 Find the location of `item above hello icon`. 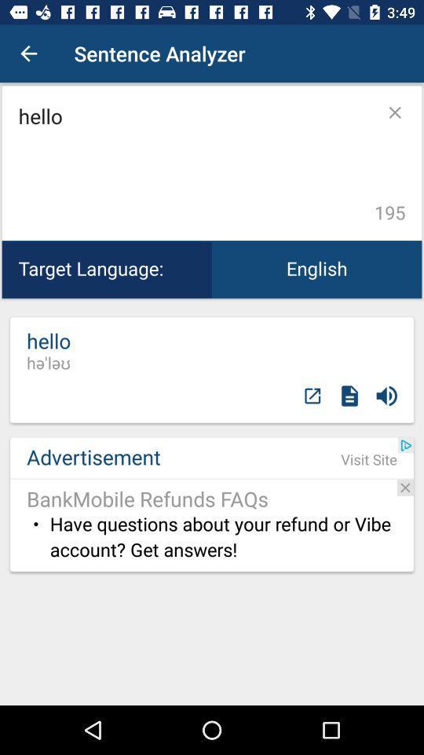

item above hello icon is located at coordinates (28, 53).